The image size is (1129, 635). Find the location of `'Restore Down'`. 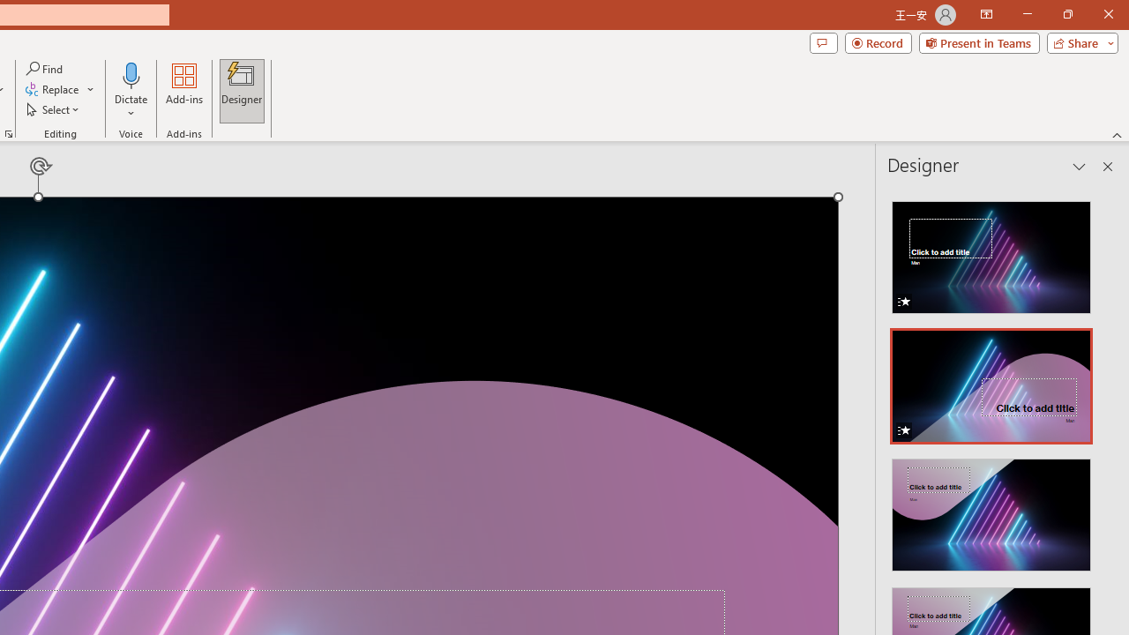

'Restore Down' is located at coordinates (1066, 14).